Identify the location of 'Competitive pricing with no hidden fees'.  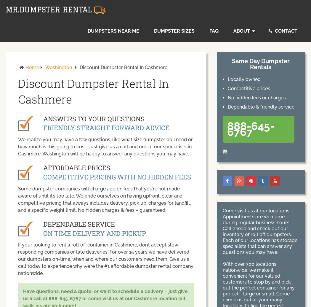
(117, 176).